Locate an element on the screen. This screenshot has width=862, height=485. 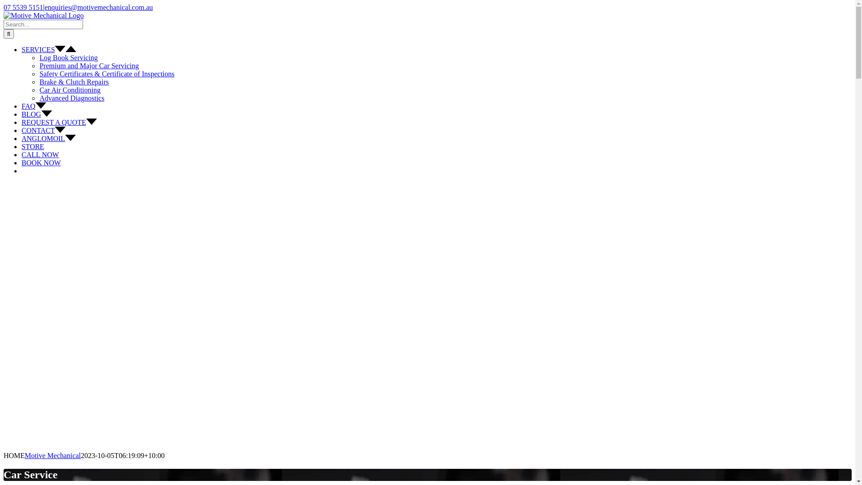
'Skip to content' is located at coordinates (3, 3).